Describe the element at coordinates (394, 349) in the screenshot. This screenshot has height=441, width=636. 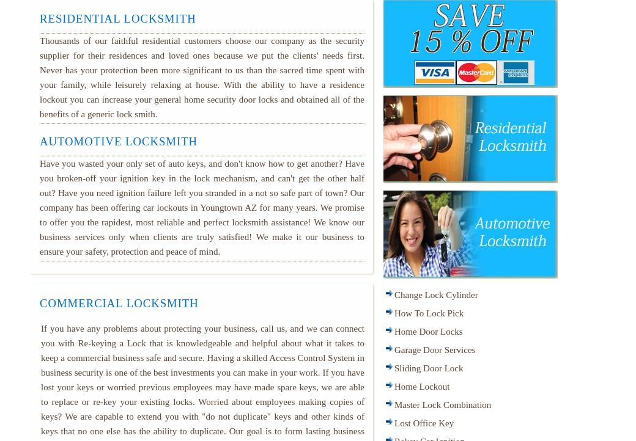
I see `'Garage Door Services'` at that location.